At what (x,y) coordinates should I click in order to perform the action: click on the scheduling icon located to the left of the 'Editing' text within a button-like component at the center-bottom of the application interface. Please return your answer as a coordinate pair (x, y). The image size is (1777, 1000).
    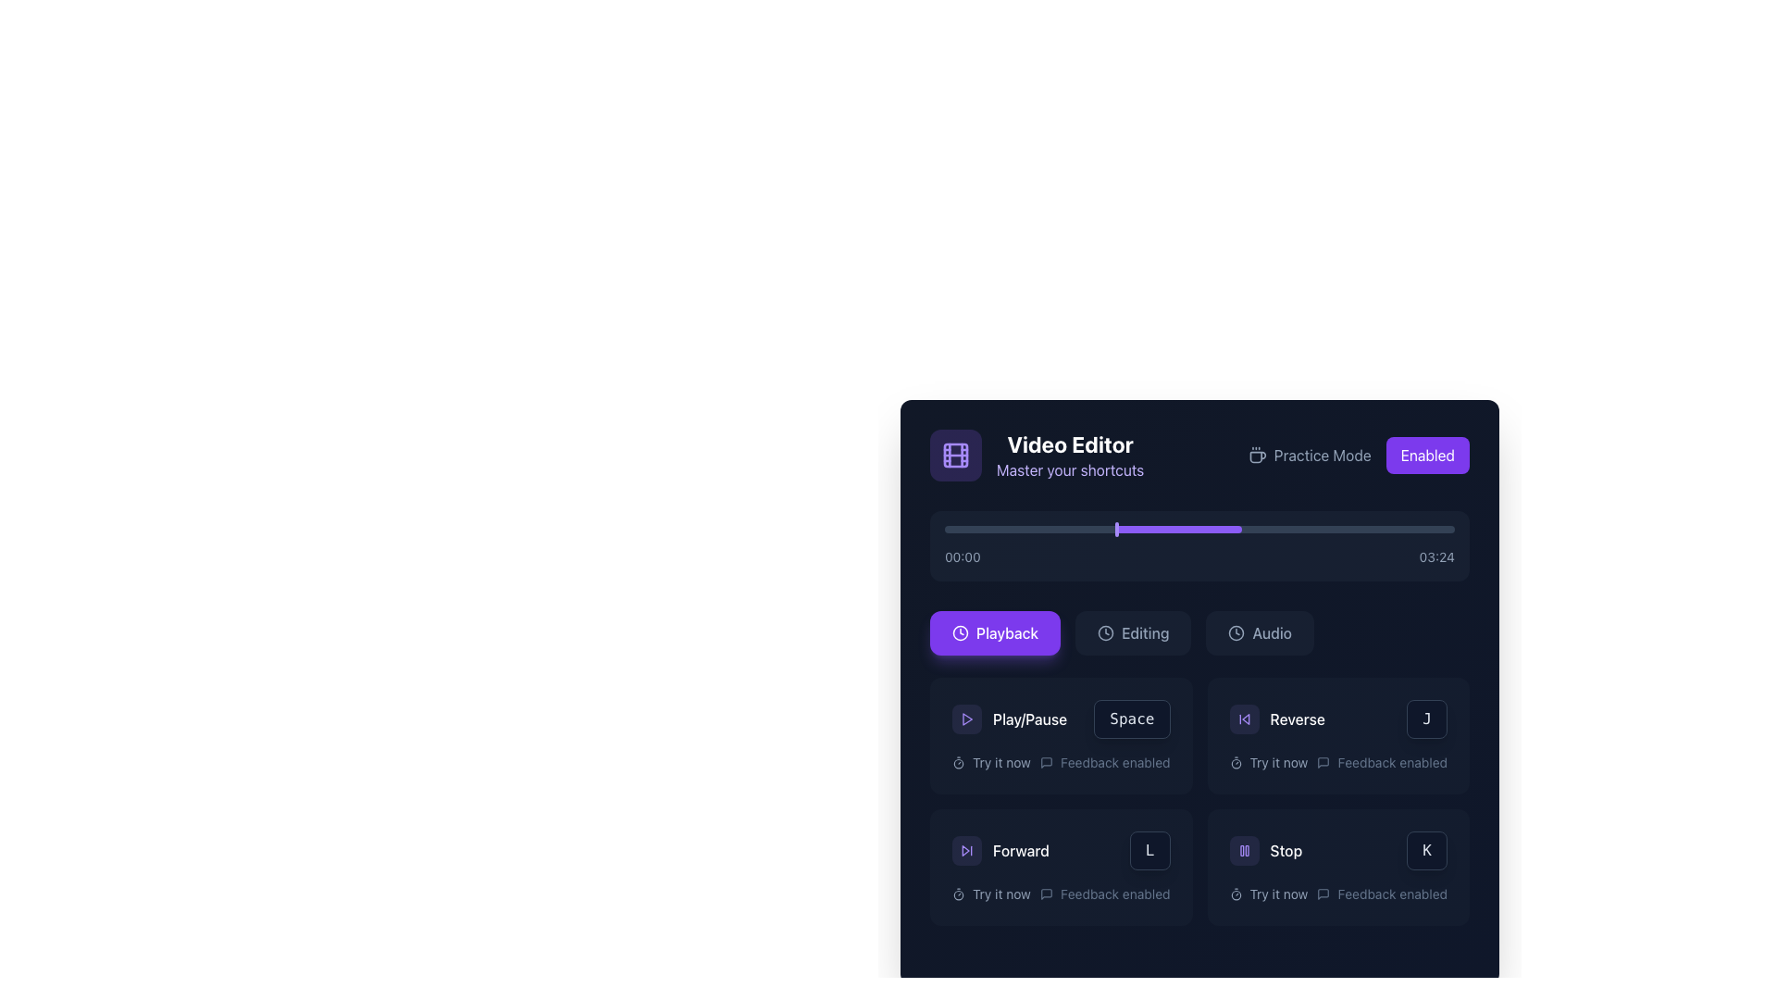
    Looking at the image, I should click on (1106, 631).